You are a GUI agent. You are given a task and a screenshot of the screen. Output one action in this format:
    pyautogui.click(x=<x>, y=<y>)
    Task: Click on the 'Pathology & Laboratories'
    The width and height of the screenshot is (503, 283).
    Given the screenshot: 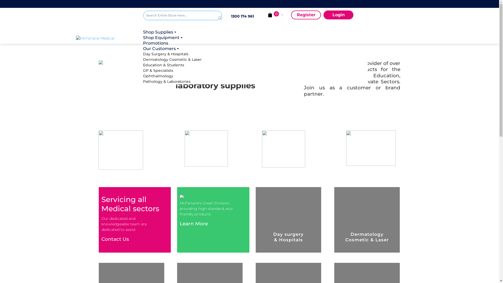 What is the action you would take?
    pyautogui.click(x=166, y=81)
    